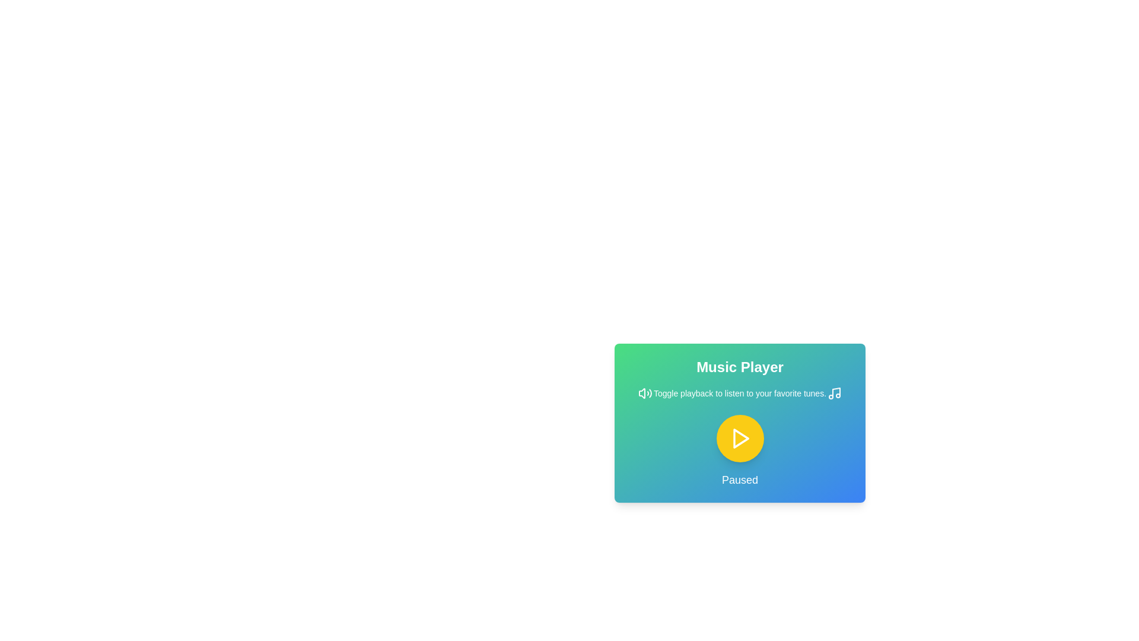 This screenshot has height=641, width=1139. What do you see at coordinates (641, 394) in the screenshot?
I see `the triangular base of the speaker icon in the music player UI, which is part of the volume control graphic` at bounding box center [641, 394].